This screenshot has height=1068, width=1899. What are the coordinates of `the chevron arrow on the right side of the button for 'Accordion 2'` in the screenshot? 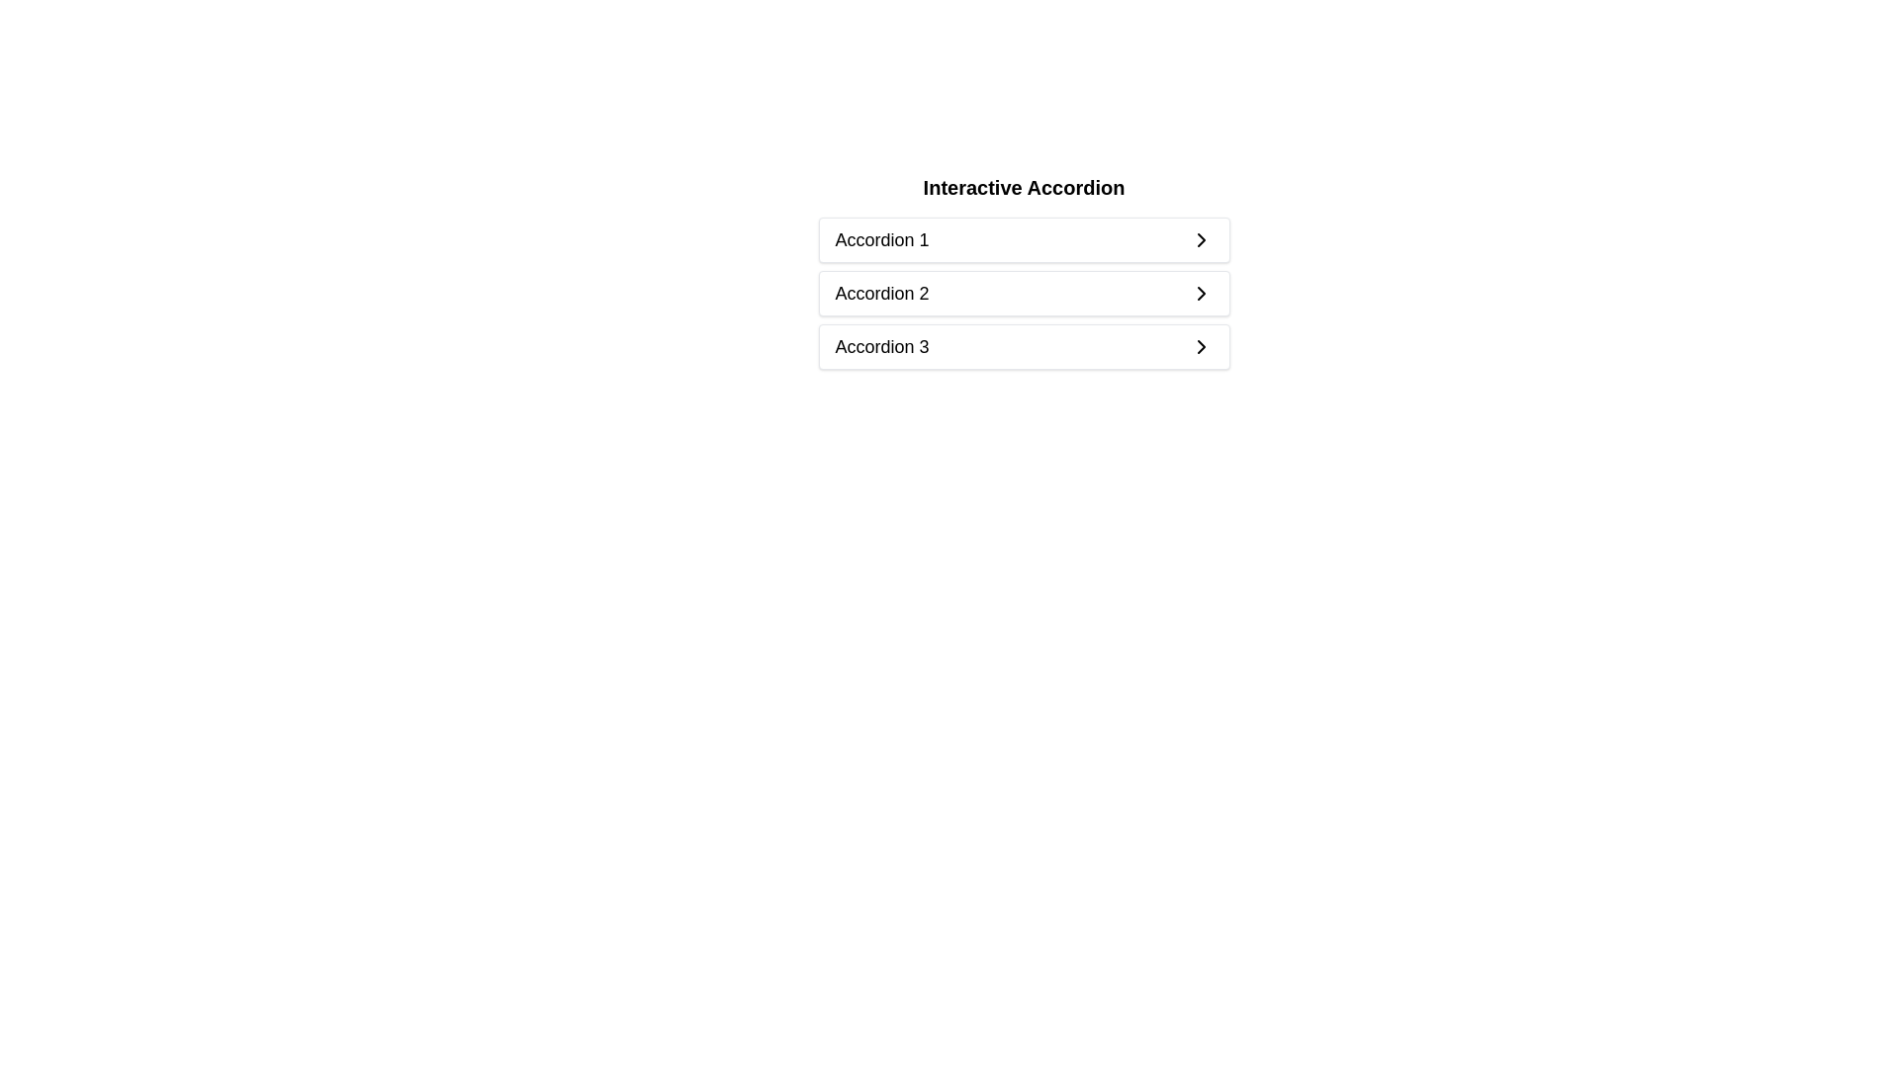 It's located at (1200, 294).